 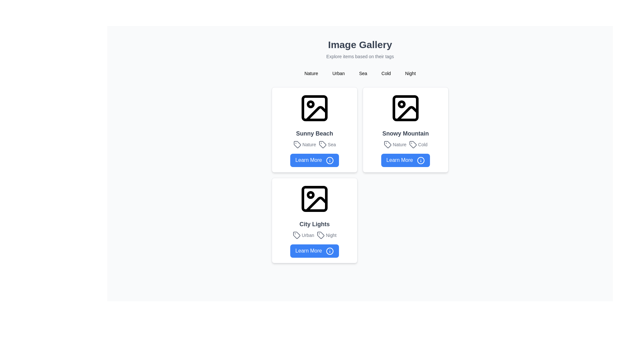 I want to click on the 'Sea' button, which is the third button in a row of category selectors for filtering the gallery items based on the 'Sea' tag, so click(x=363, y=73).